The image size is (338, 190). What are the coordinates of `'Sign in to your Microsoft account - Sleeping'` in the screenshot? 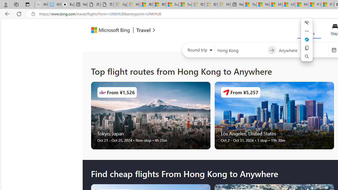 It's located at (120, 4).